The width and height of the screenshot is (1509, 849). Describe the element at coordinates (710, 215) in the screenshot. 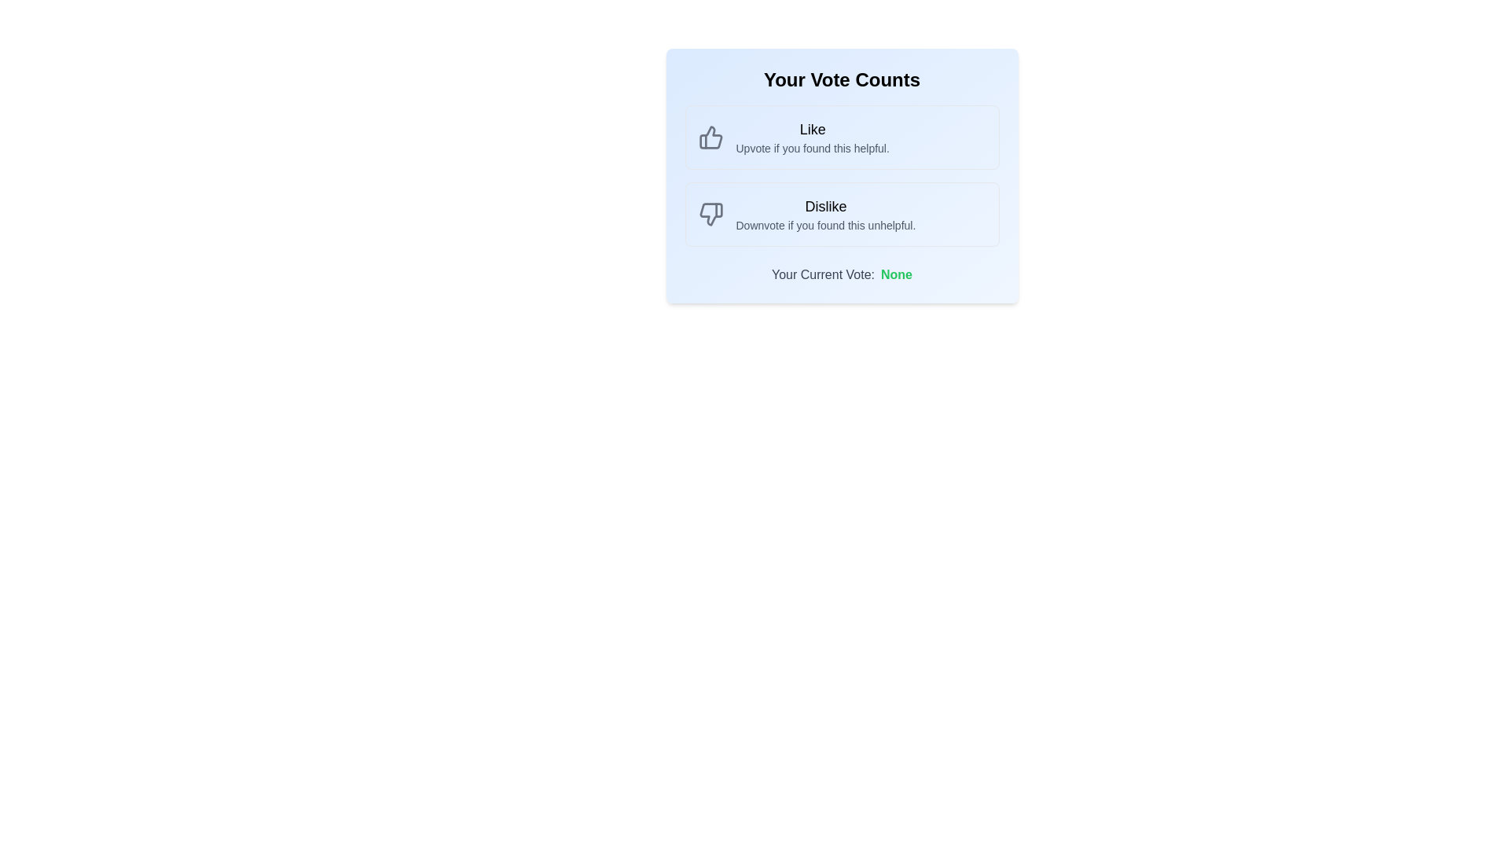

I see `the visual representation of the thumbs-down icon's lower base segment, which symbolizes dislike or negative feedback, located beneath the 'Dislike' label` at that location.